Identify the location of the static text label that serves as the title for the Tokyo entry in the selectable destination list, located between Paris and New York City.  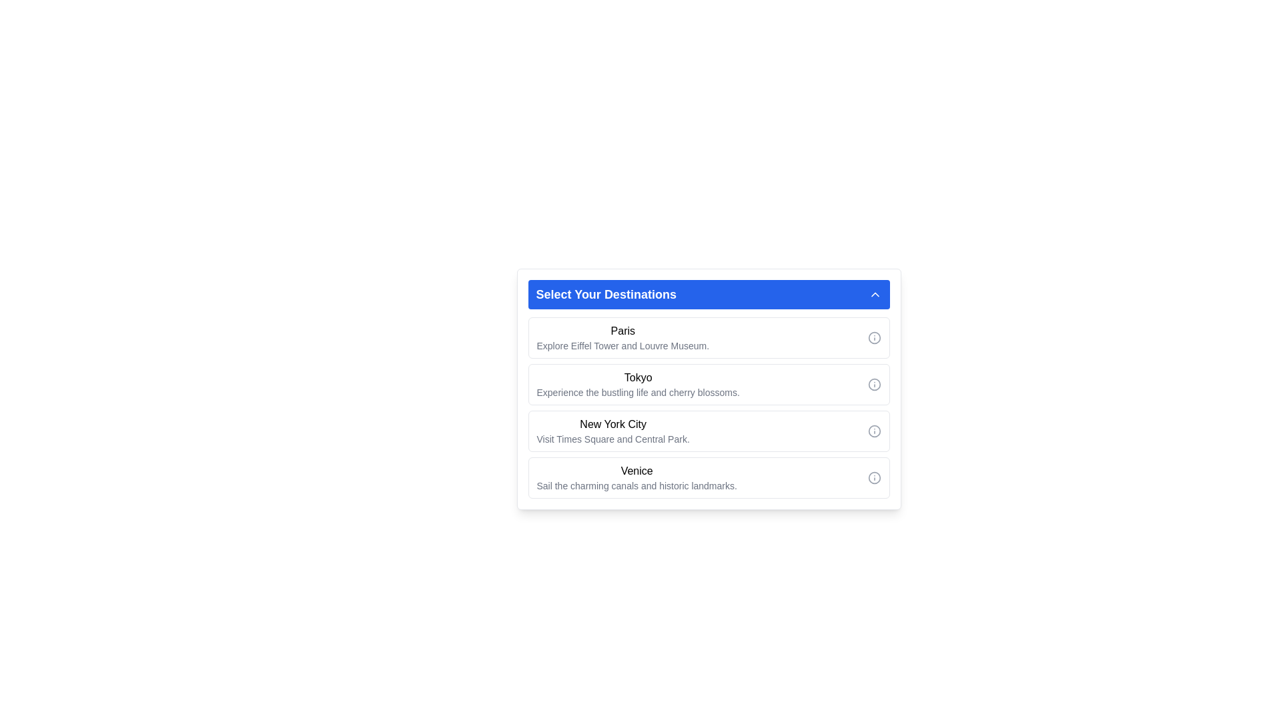
(637, 378).